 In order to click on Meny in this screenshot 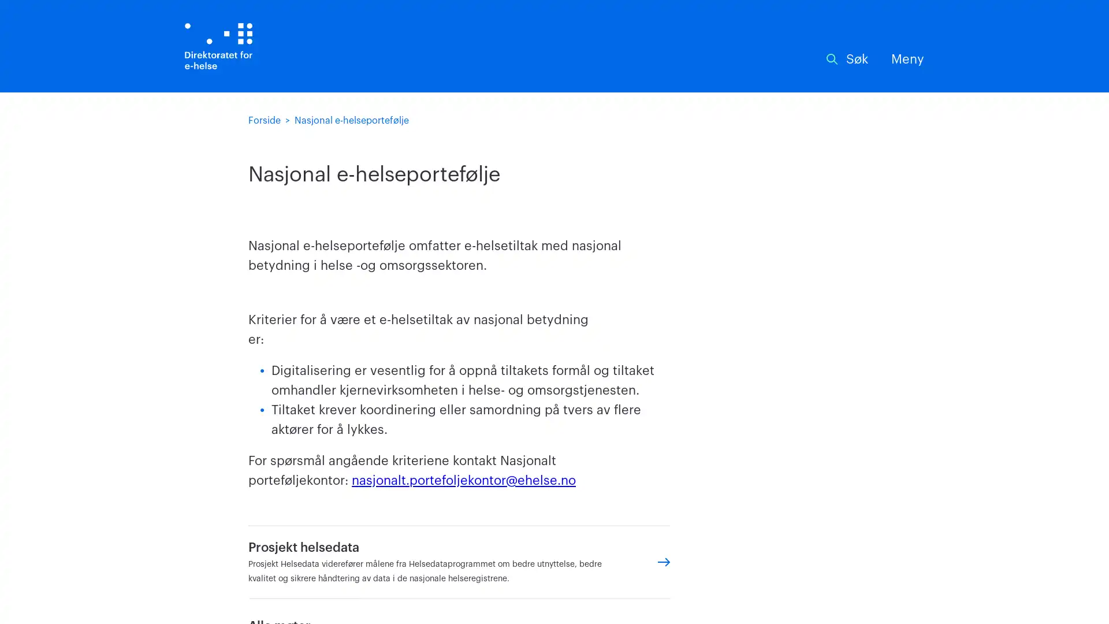, I will do `click(907, 60)`.